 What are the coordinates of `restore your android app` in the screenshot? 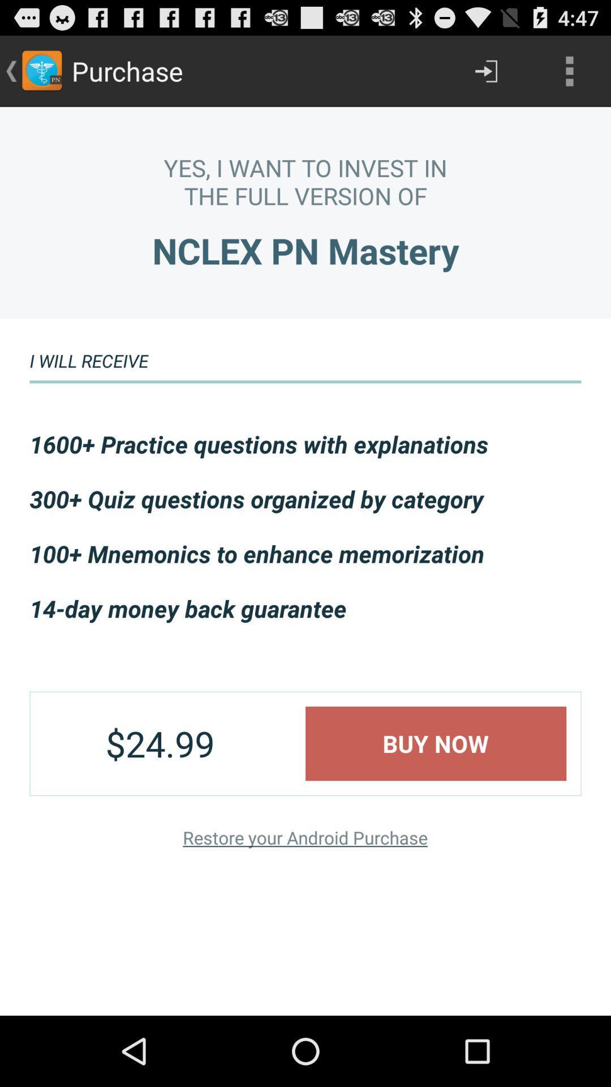 It's located at (304, 837).